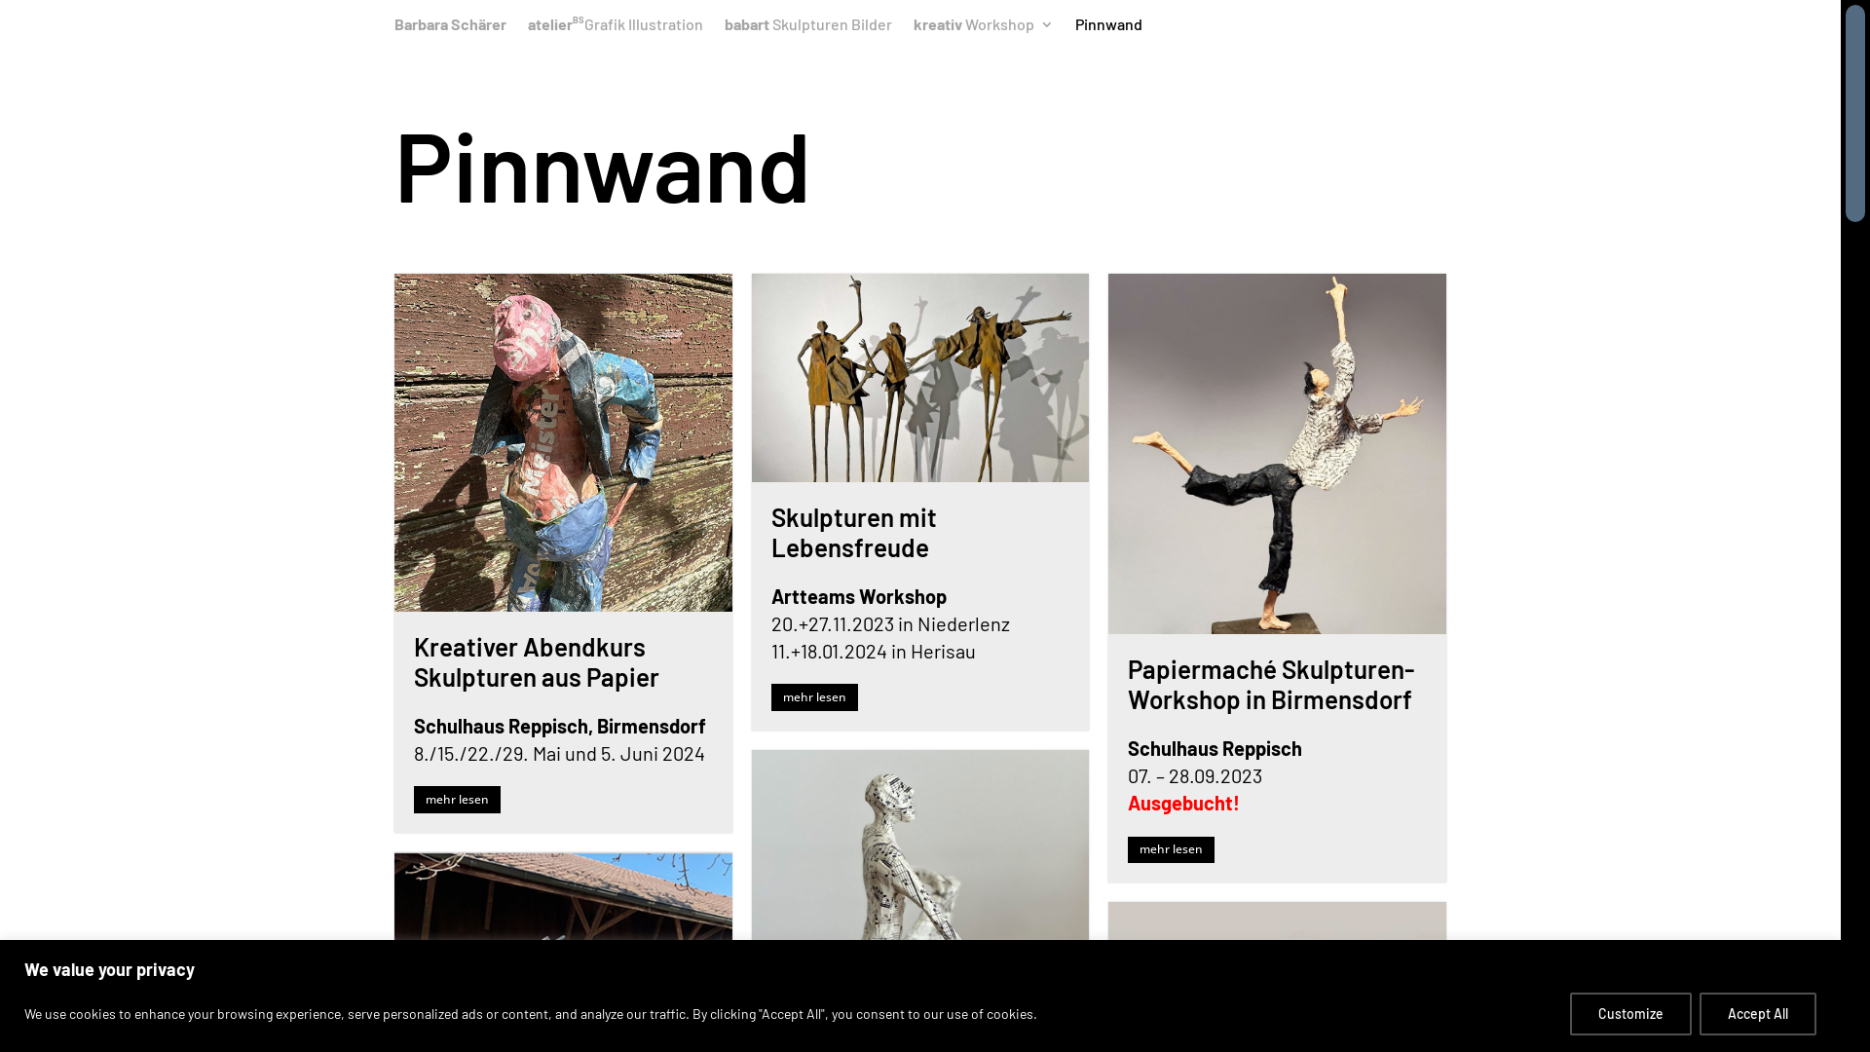 The image size is (1870, 1052). What do you see at coordinates (724, 29) in the screenshot?
I see `'babart Skulpturen Bilder'` at bounding box center [724, 29].